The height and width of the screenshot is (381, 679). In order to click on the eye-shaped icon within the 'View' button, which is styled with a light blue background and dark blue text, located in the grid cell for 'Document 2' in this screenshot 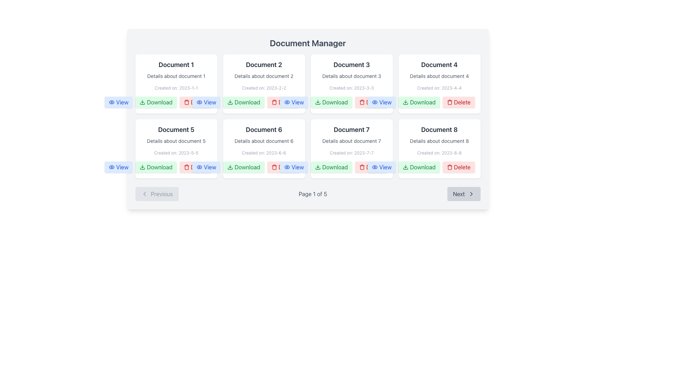, I will do `click(287, 102)`.